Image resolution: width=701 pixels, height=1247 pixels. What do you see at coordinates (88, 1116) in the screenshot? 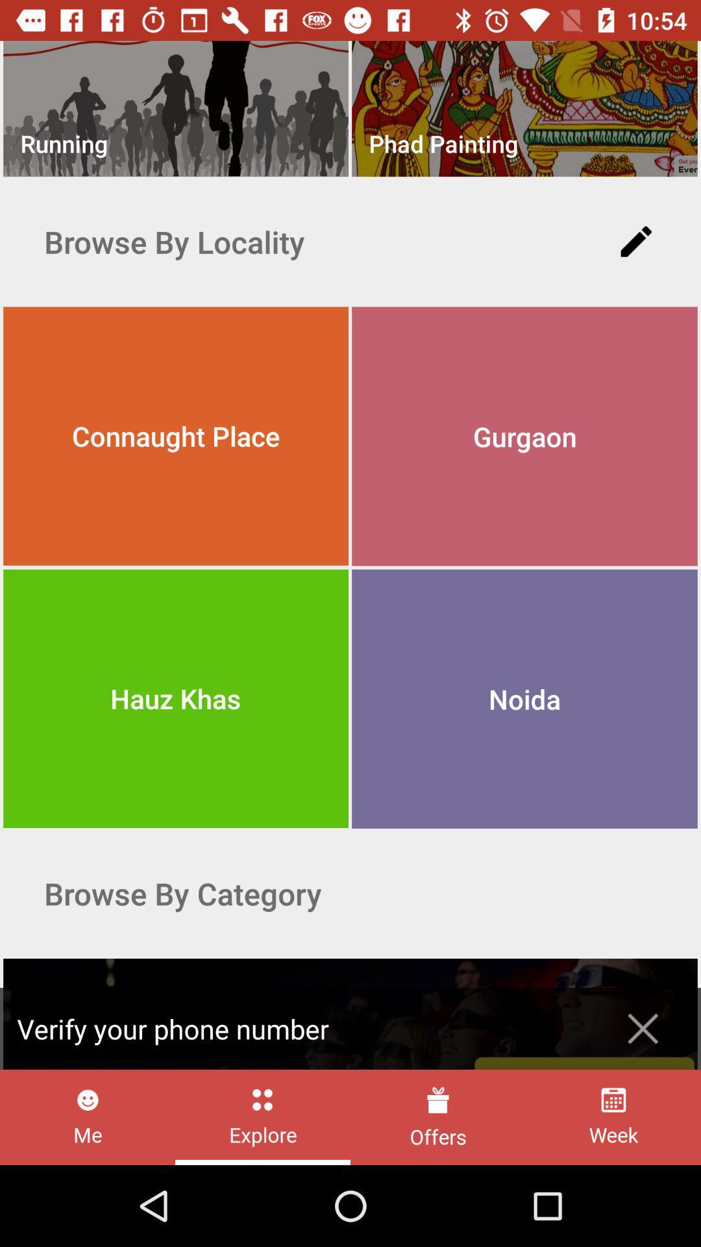
I see `the me item` at bounding box center [88, 1116].